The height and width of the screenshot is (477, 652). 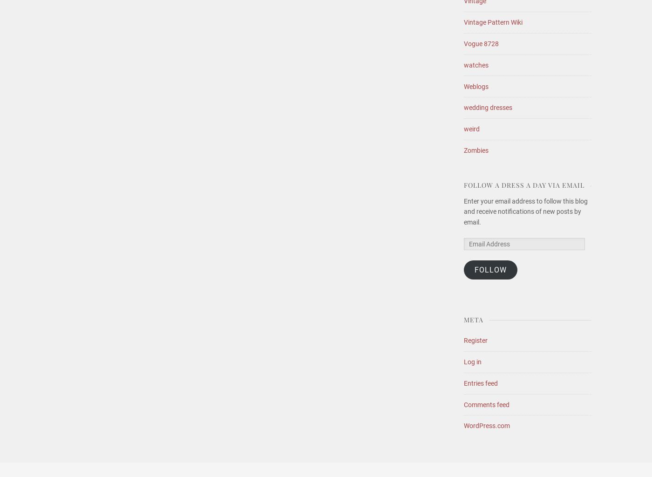 What do you see at coordinates (475, 340) in the screenshot?
I see `'Register'` at bounding box center [475, 340].